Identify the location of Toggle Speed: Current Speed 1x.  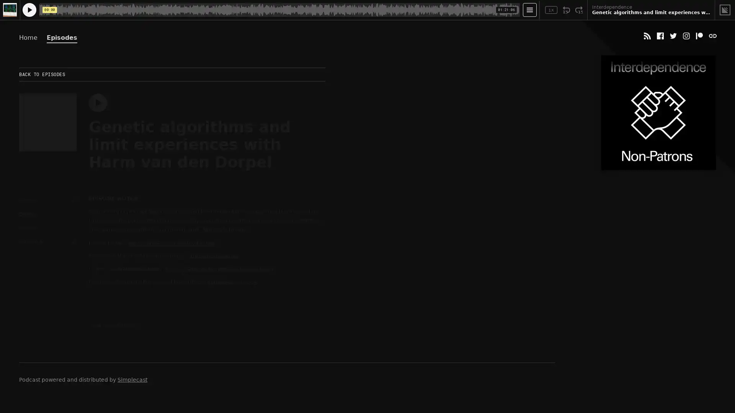
(551, 10).